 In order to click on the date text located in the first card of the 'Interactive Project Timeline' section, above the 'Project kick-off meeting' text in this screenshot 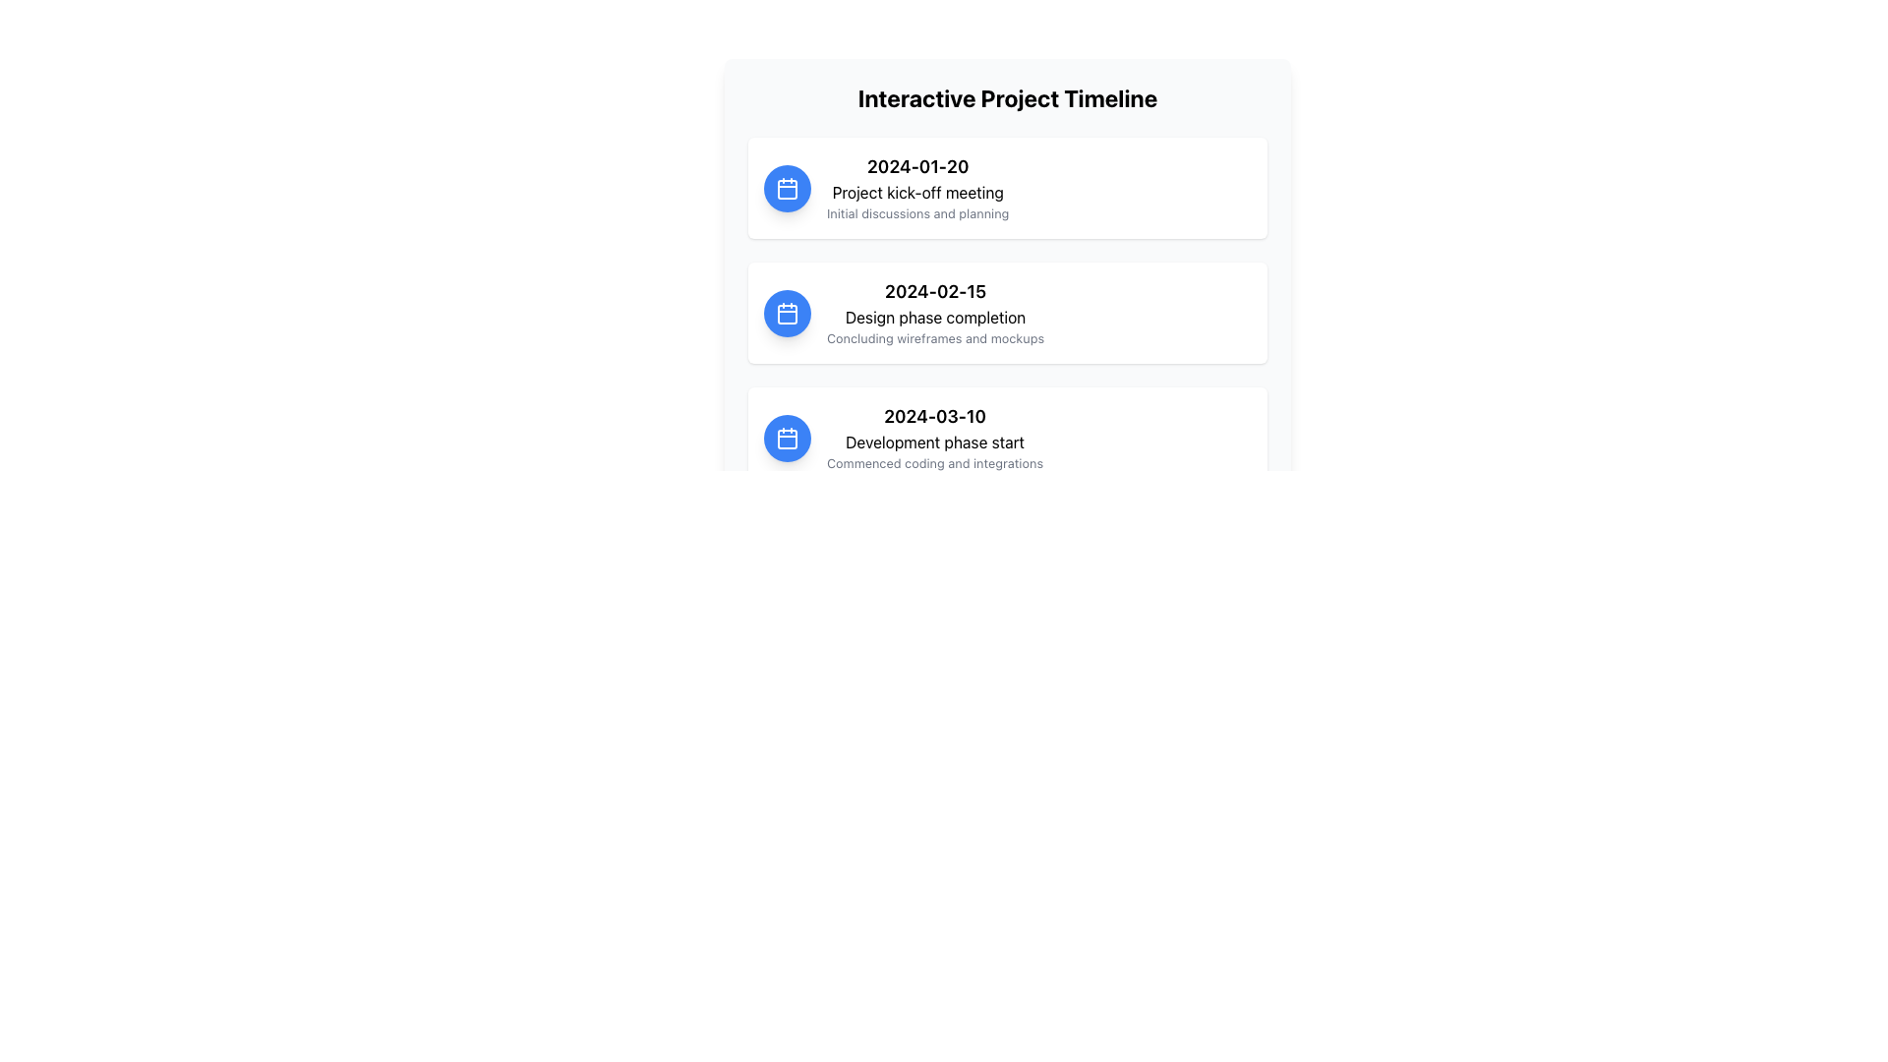, I will do `click(916, 165)`.